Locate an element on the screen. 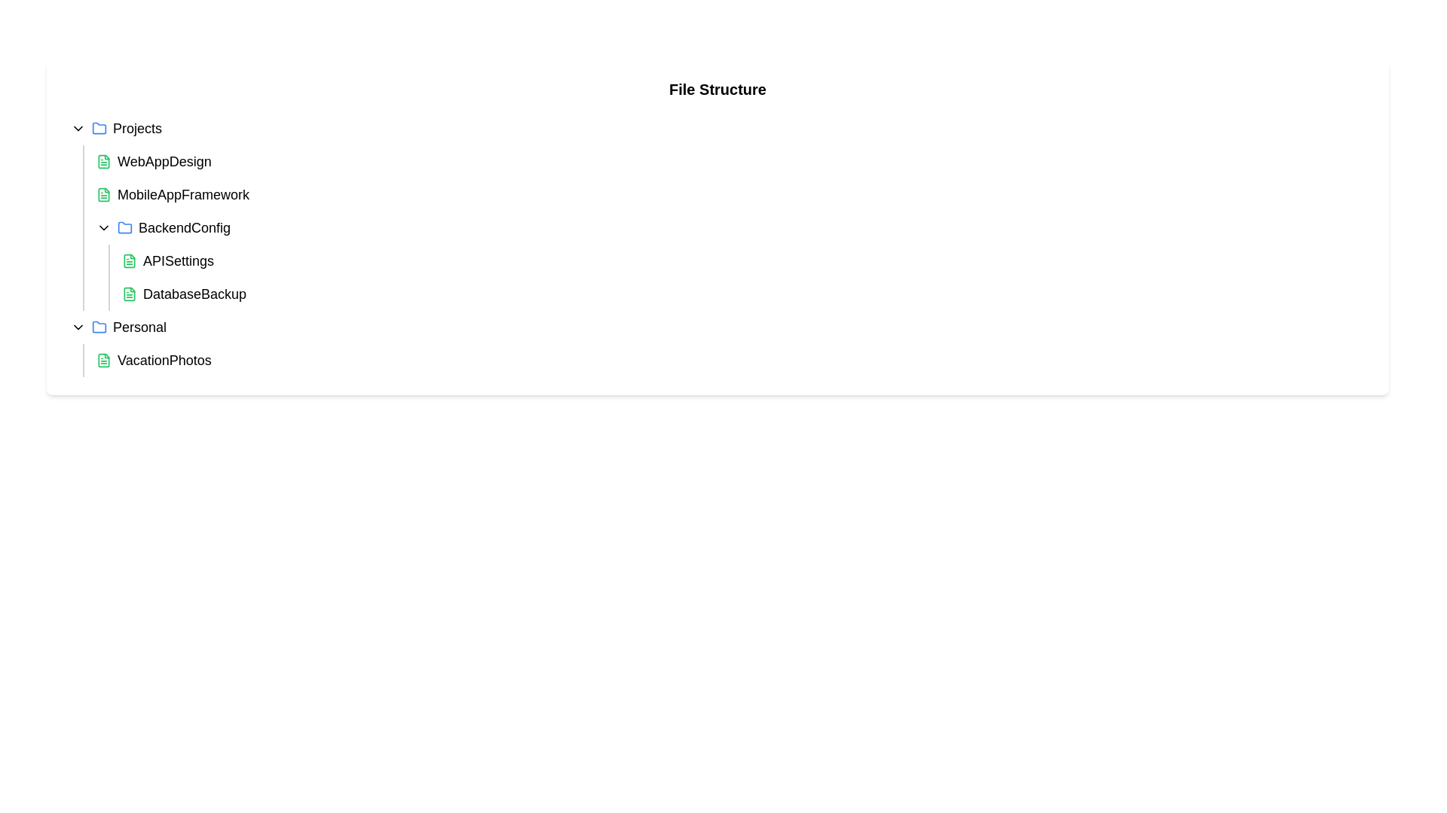 The width and height of the screenshot is (1447, 813). the file icon representing 'APISettings' located in the 'BackendConfig' section of the hierarchical file structure, which is styled in a modern minimalistic design and has a green hue is located at coordinates (130, 260).